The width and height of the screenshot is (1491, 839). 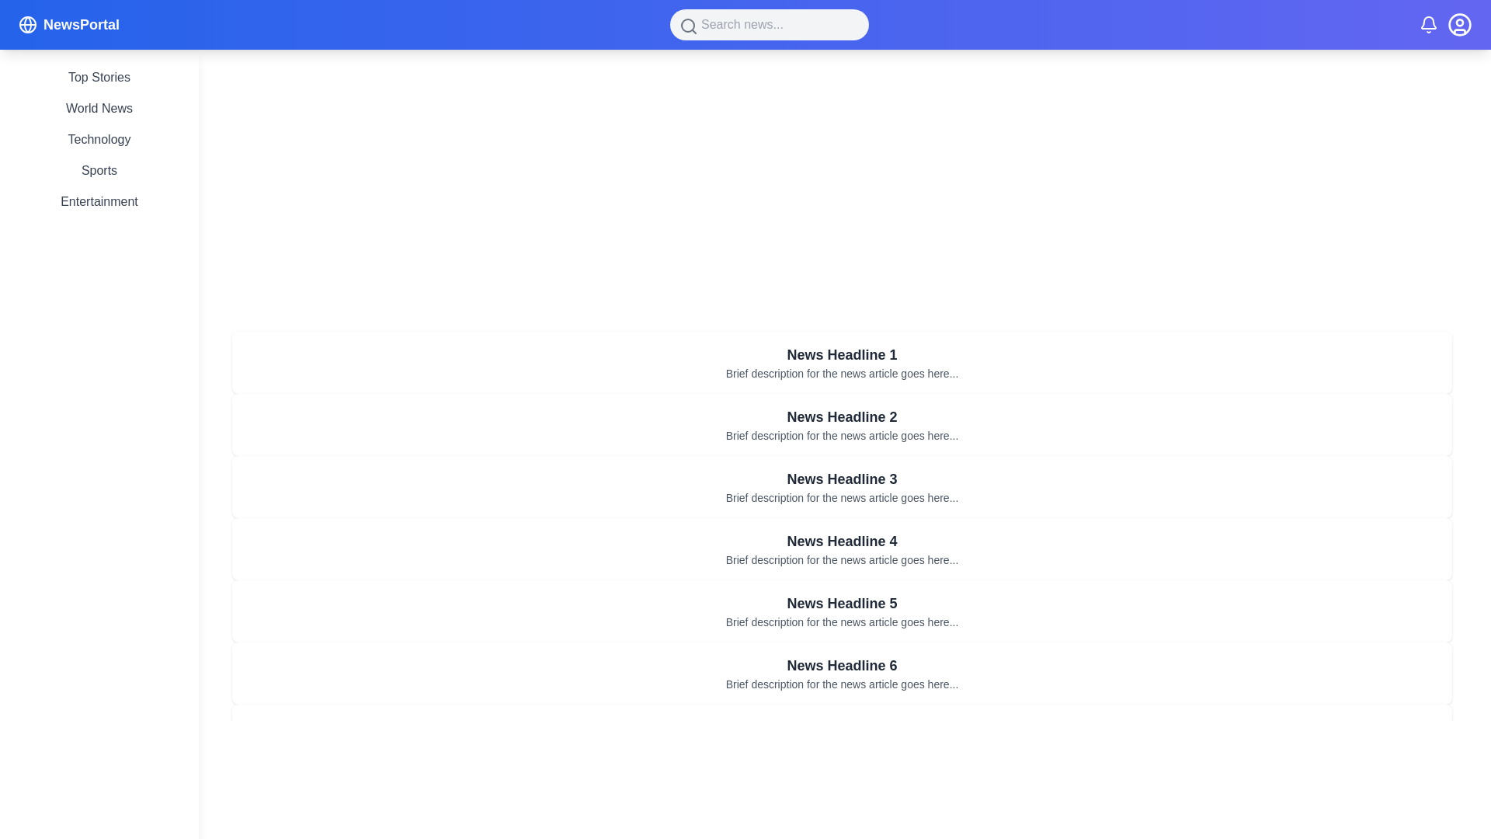 What do you see at coordinates (769, 24) in the screenshot?
I see `the search input field, which is a rounded rectangle with a gray background and placeholder text 'Search news...', to focus and start typing` at bounding box center [769, 24].